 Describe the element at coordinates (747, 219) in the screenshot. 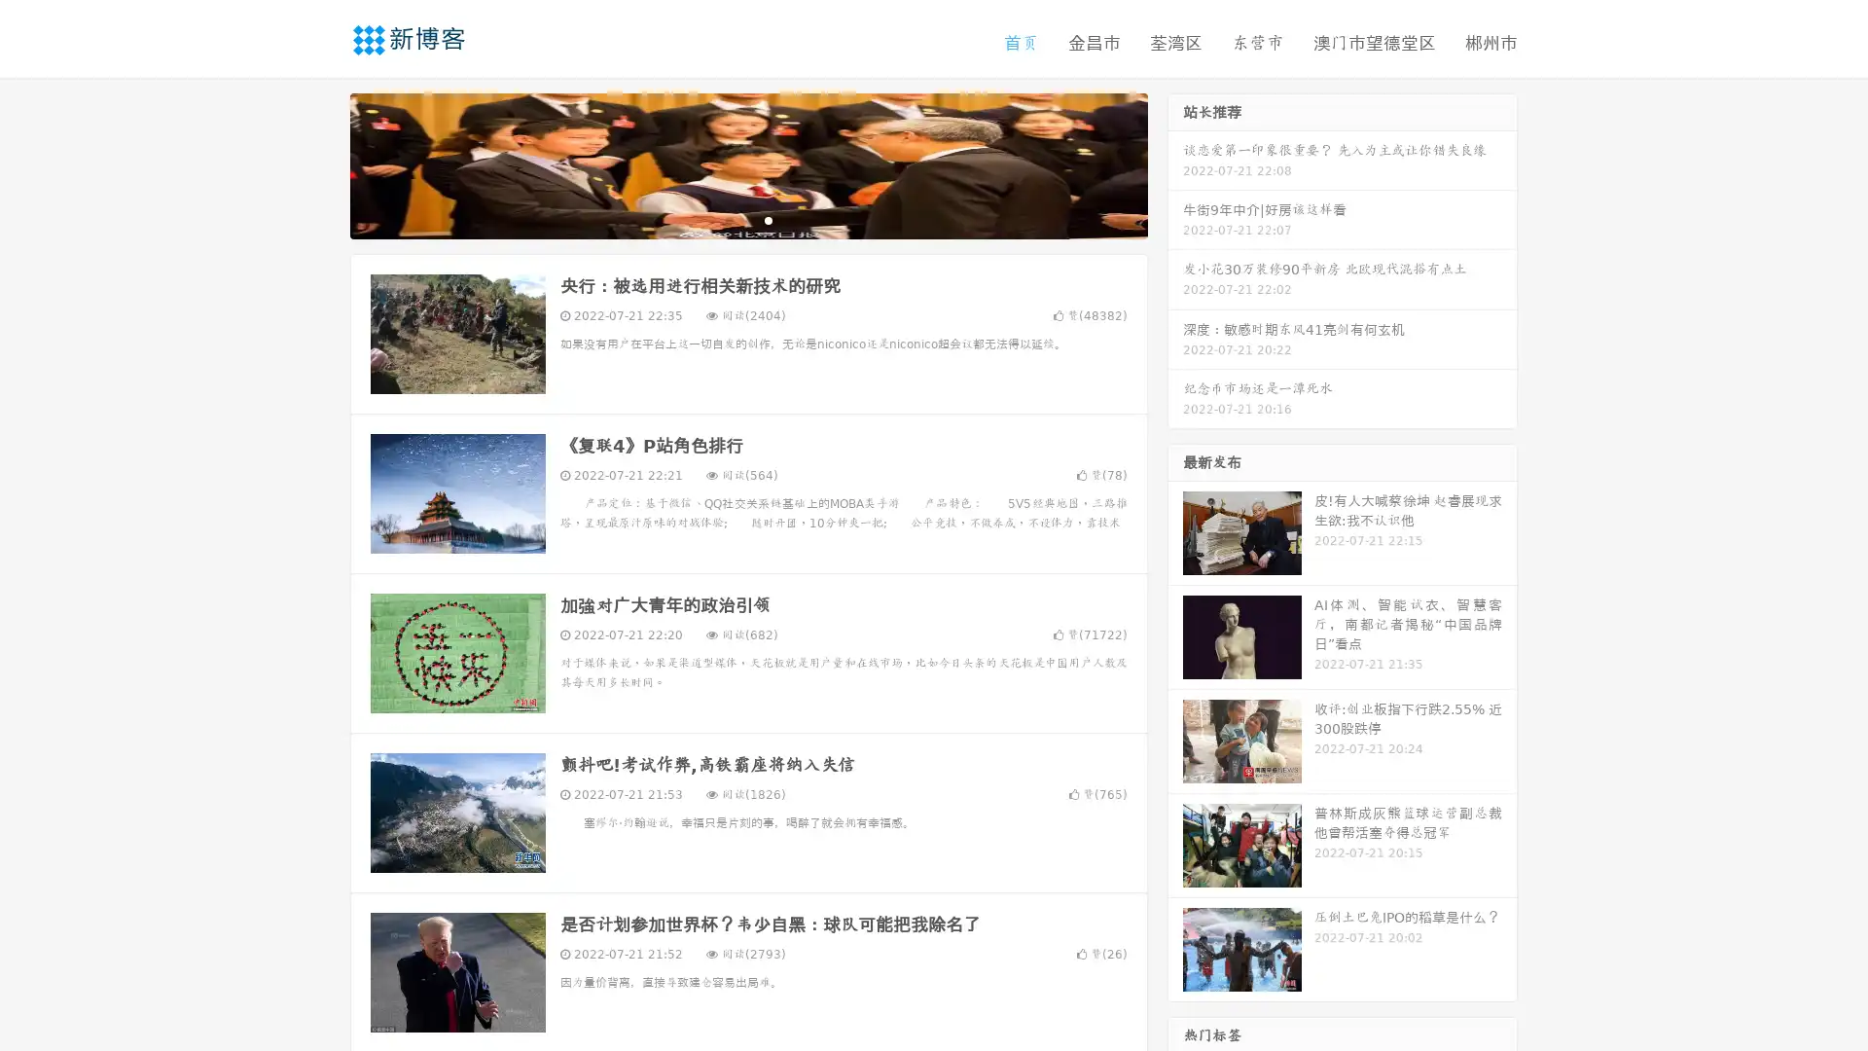

I see `Go to slide 2` at that location.